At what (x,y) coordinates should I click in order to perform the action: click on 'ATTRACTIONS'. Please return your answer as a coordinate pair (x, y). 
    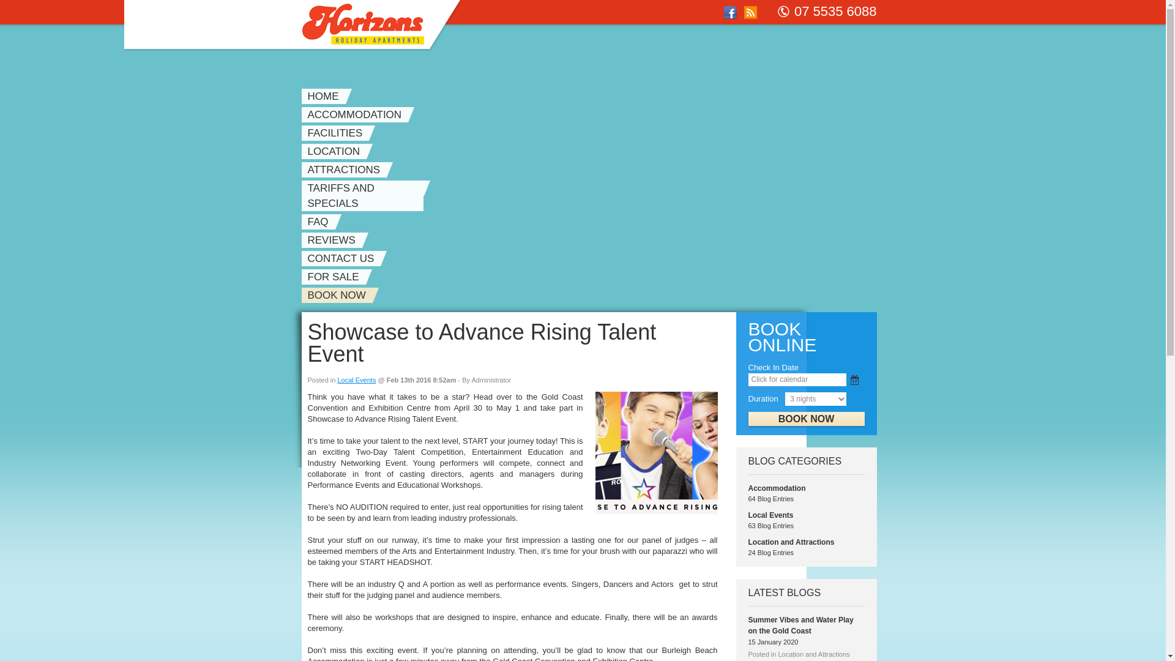
    Looking at the image, I should click on (346, 170).